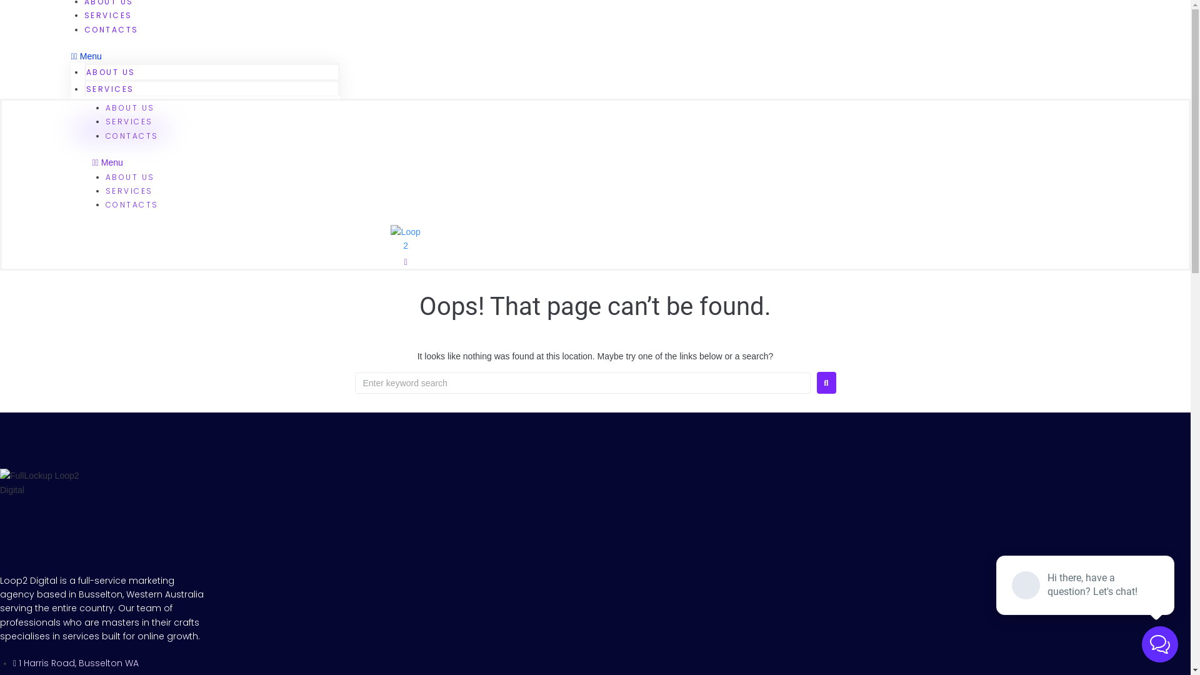 The width and height of the screenshot is (1200, 675). Describe the element at coordinates (119, 131) in the screenshot. I see `'FREE CONSULTATION'` at that location.